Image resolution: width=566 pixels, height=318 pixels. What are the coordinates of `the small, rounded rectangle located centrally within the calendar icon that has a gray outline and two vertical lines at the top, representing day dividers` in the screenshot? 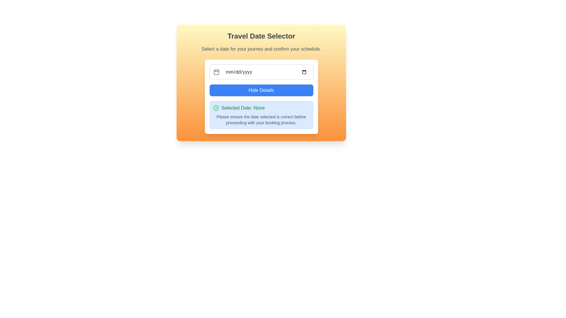 It's located at (216, 72).